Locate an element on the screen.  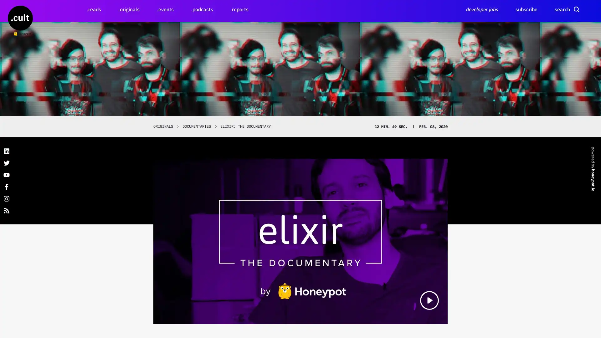
Elixir: The Documentary is located at coordinates (300, 241).